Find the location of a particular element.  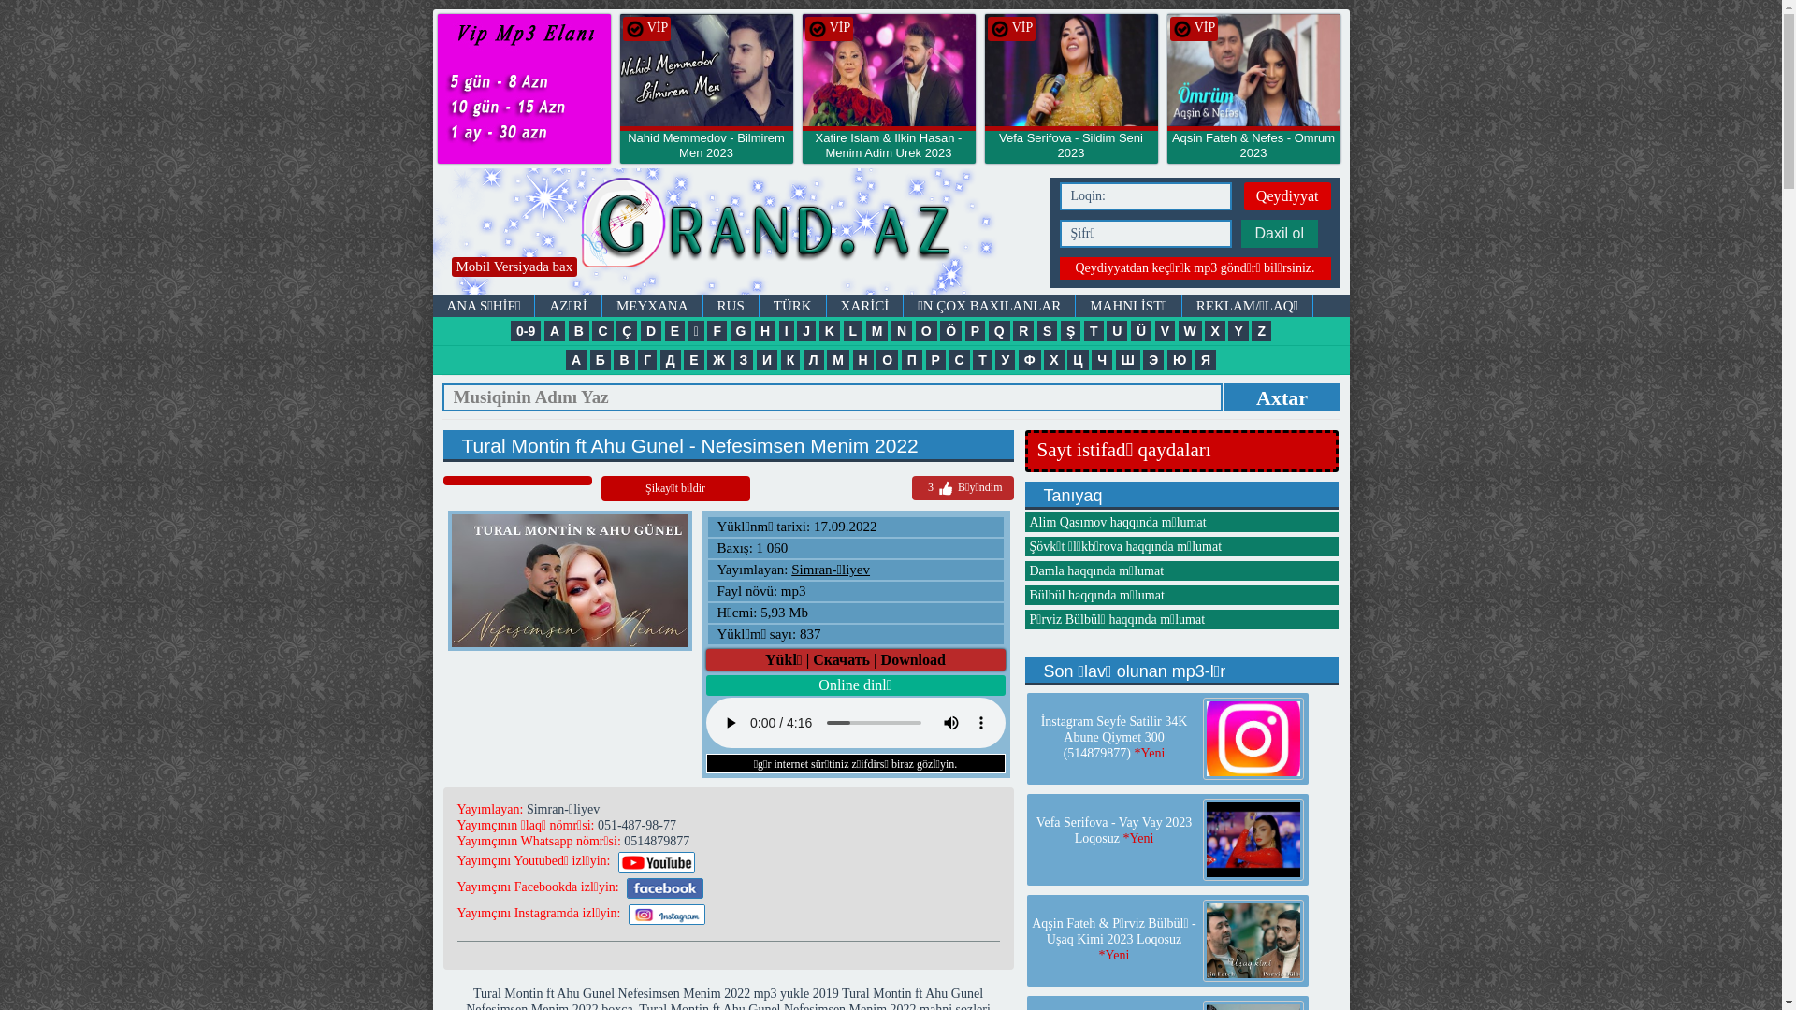

'W' is located at coordinates (1177, 330).